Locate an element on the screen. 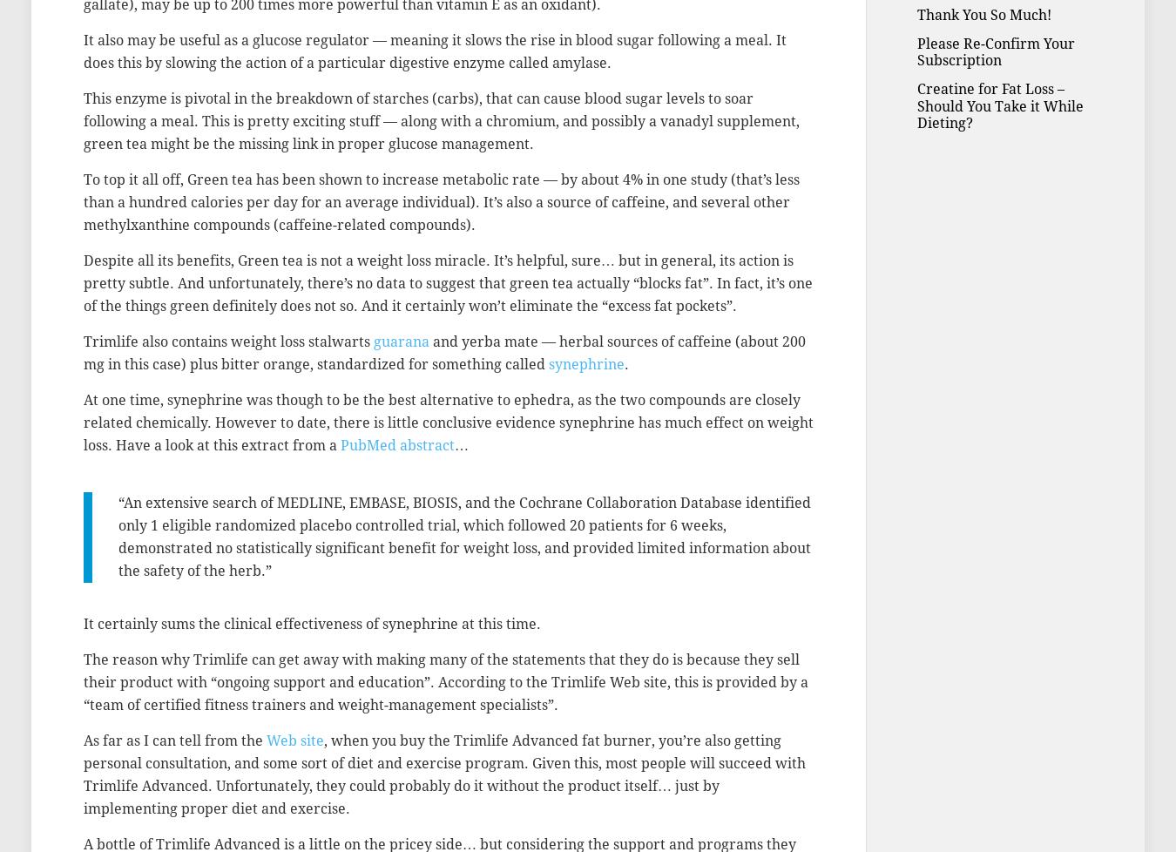 The height and width of the screenshot is (852, 1176). '.' is located at coordinates (623, 363).